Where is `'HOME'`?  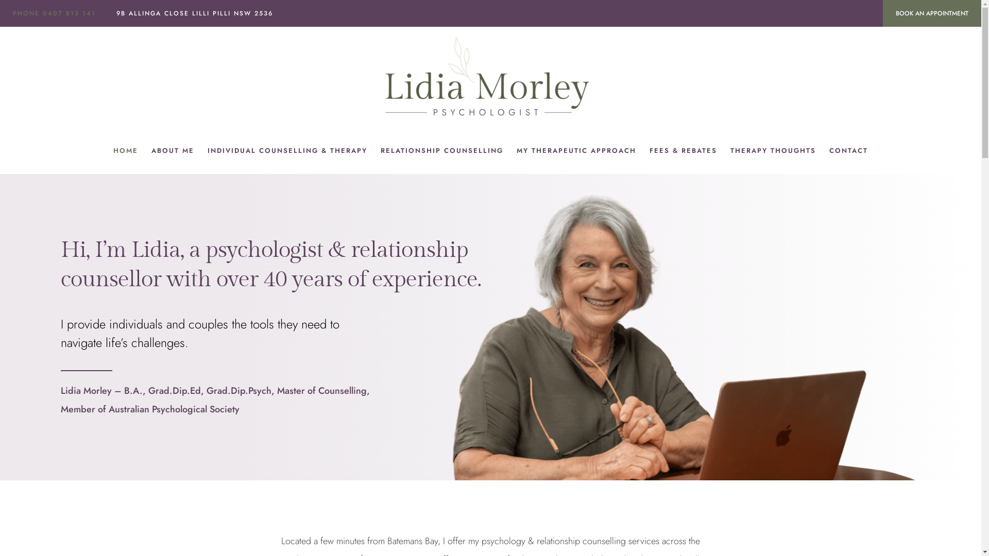
'HOME' is located at coordinates (106, 151).